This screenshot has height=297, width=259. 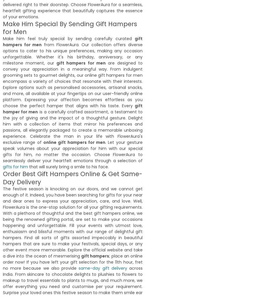 What do you see at coordinates (3, 155) in the screenshot?
I see `'Complete Skin N Hair Care Hamper'` at bounding box center [3, 155].